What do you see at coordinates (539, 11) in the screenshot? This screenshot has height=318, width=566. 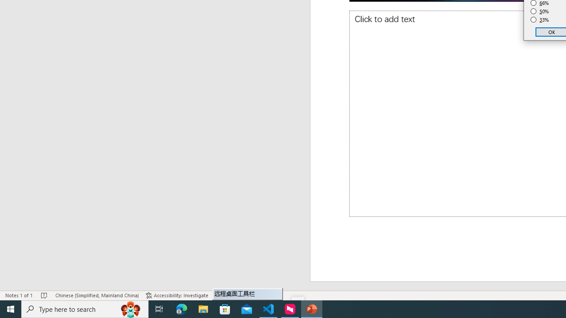 I see `'50%'` at bounding box center [539, 11].